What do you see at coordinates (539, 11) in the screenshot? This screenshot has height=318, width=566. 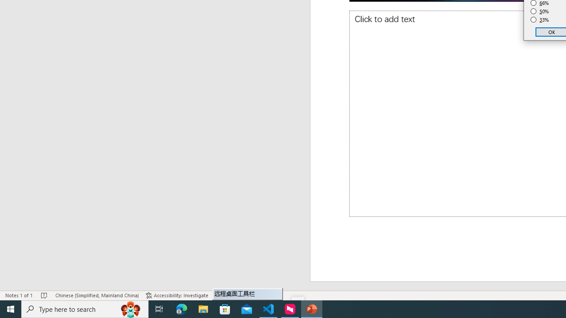 I see `'50%'` at bounding box center [539, 11].